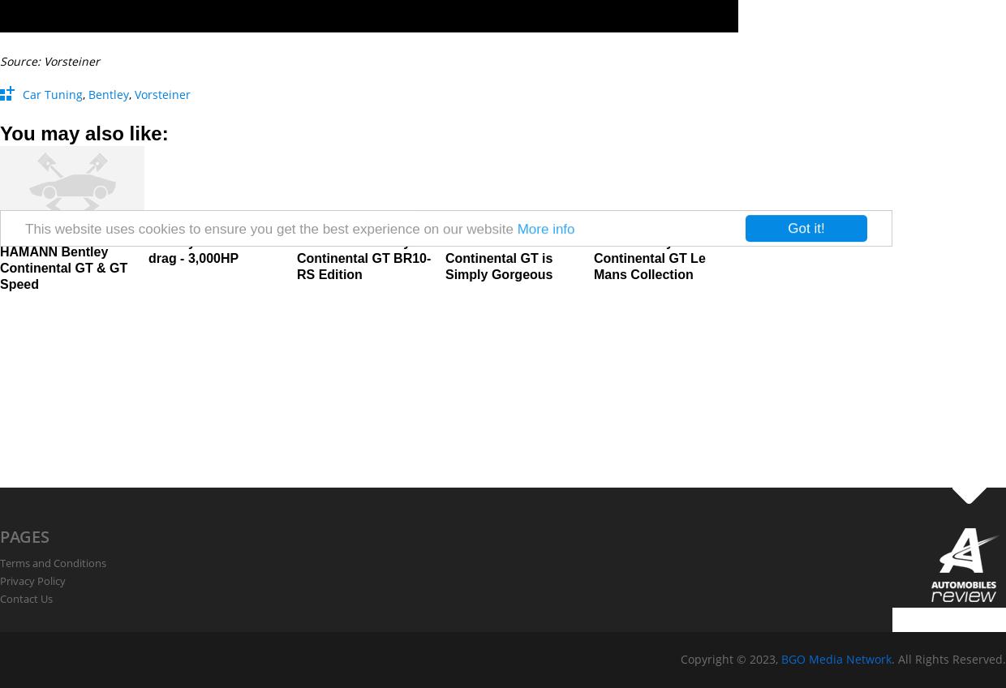 This screenshot has height=688, width=1006. I want to click on 'Bentley Continental GT drag - 3,000HP', so click(219, 250).